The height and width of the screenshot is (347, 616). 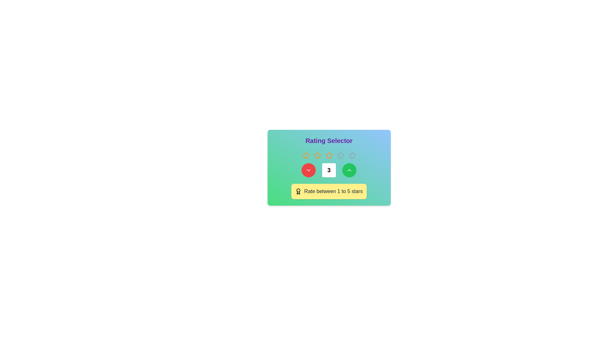 I want to click on the downward-pointing chevron icon styled with a modern, minimalist design located within a vibrant red circular button, positioned to the left of the numeric input box in the rating selection panel, so click(x=309, y=170).